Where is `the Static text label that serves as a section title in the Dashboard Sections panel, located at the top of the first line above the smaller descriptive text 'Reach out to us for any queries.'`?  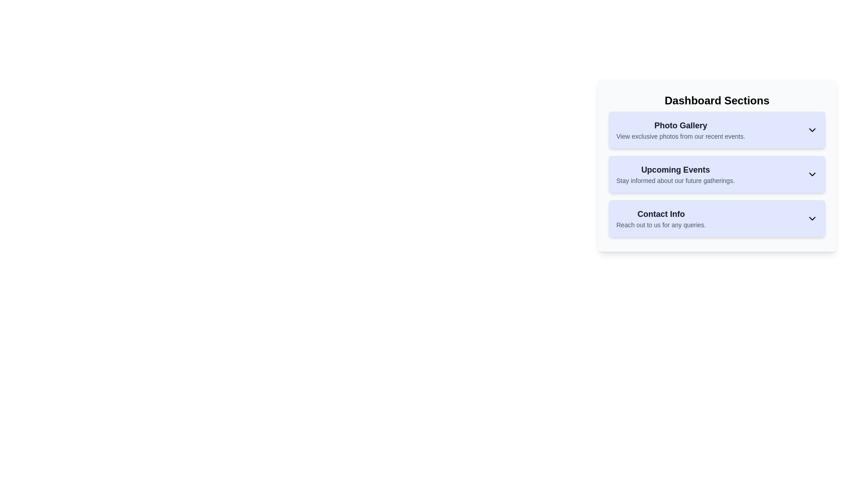 the Static text label that serves as a section title in the Dashboard Sections panel, located at the top of the first line above the smaller descriptive text 'Reach out to us for any queries.' is located at coordinates (661, 214).